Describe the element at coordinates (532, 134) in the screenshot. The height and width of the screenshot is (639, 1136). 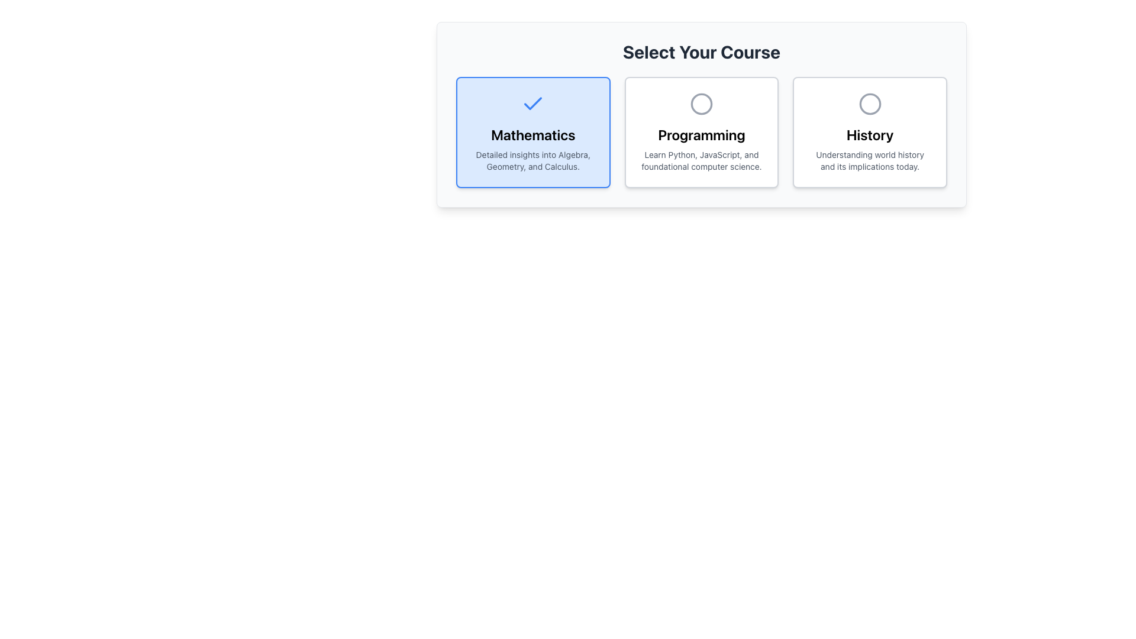
I see `the 'Mathematics' text label which serves as a title for the course option, positioned in the central upper area of the course selection interface` at that location.